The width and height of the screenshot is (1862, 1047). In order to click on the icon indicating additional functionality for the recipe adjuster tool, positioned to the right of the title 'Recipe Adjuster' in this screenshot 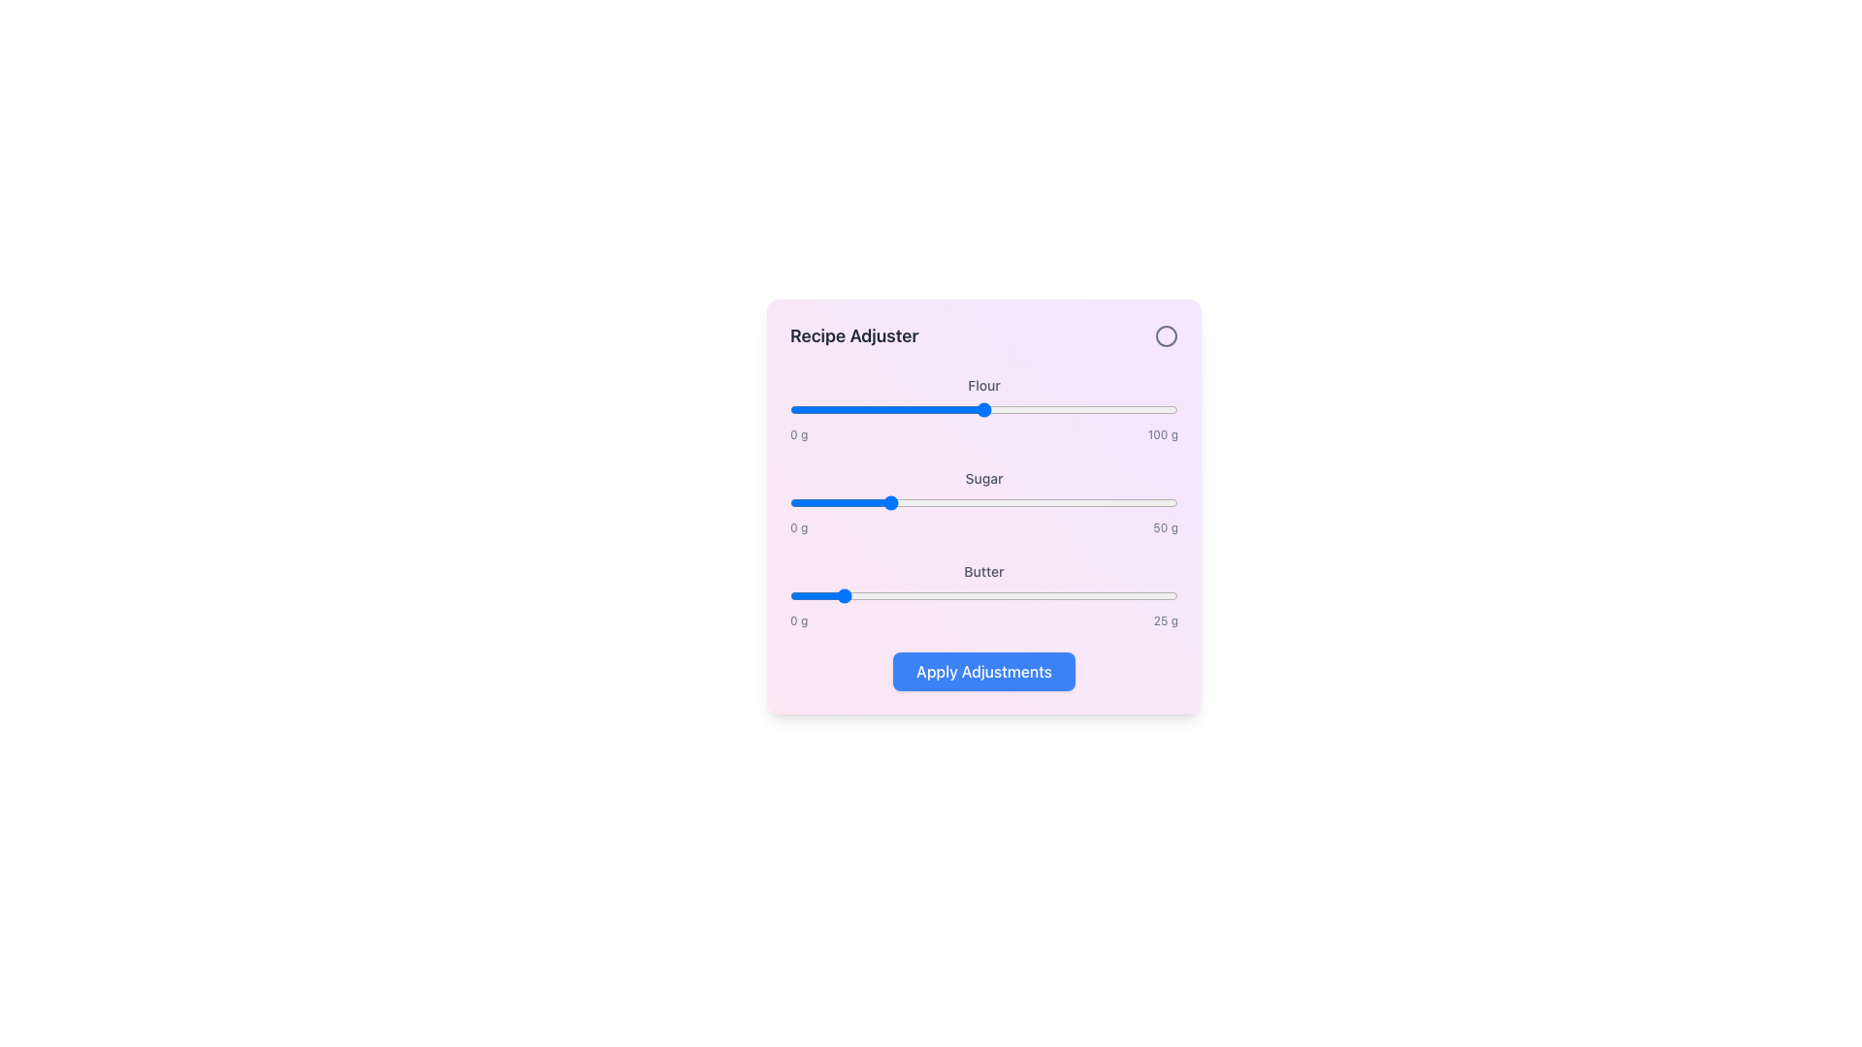, I will do `click(1166, 335)`.